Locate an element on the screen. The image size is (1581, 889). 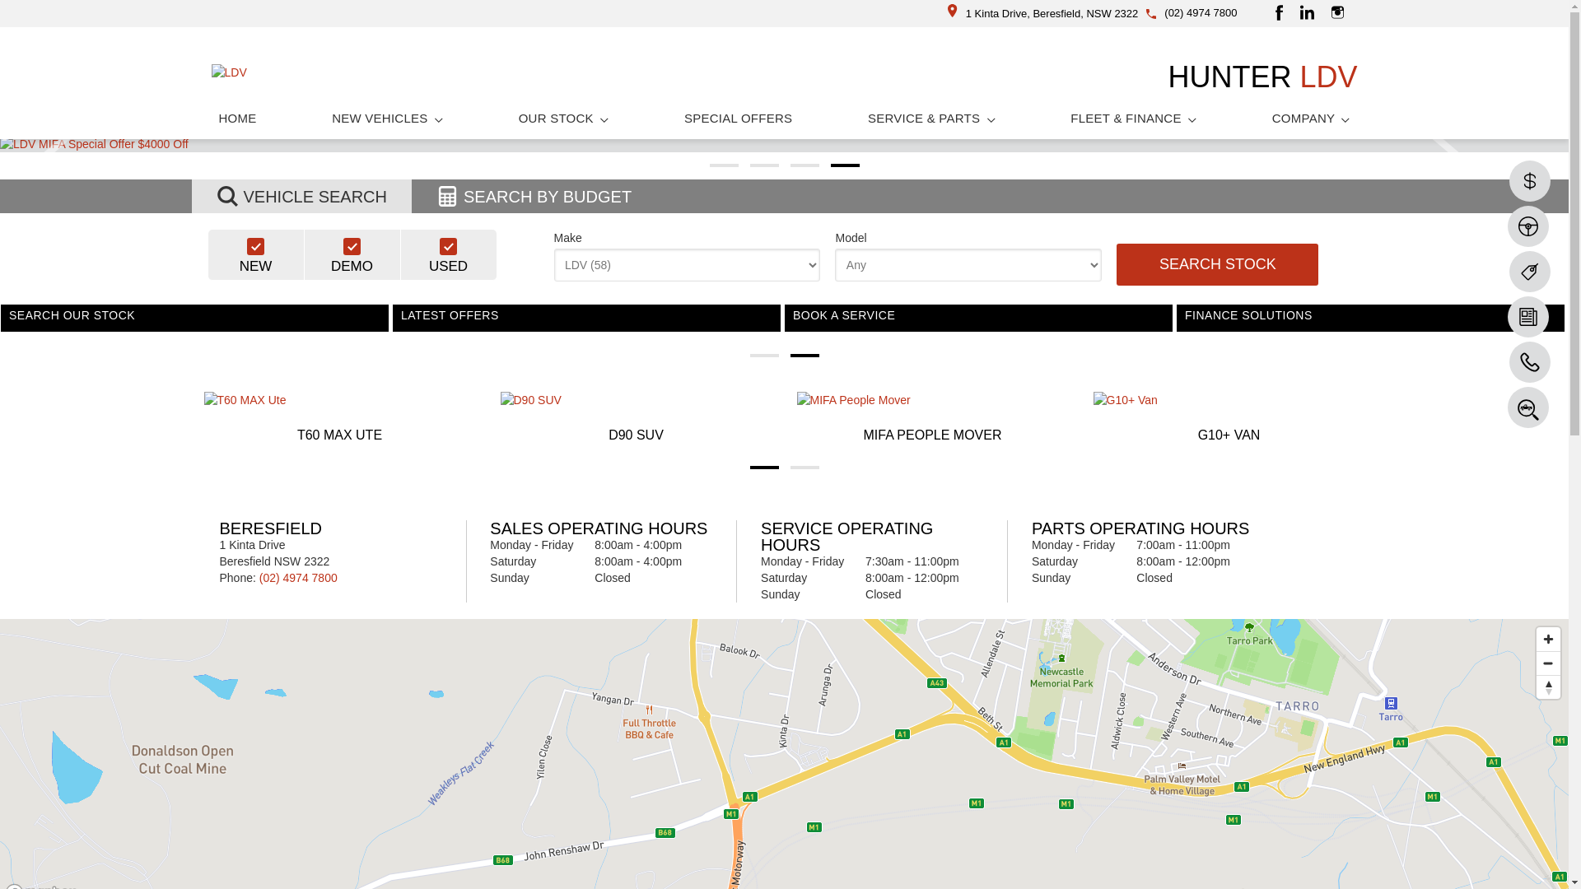
'VEHICLE SEARCH' is located at coordinates (301, 195).